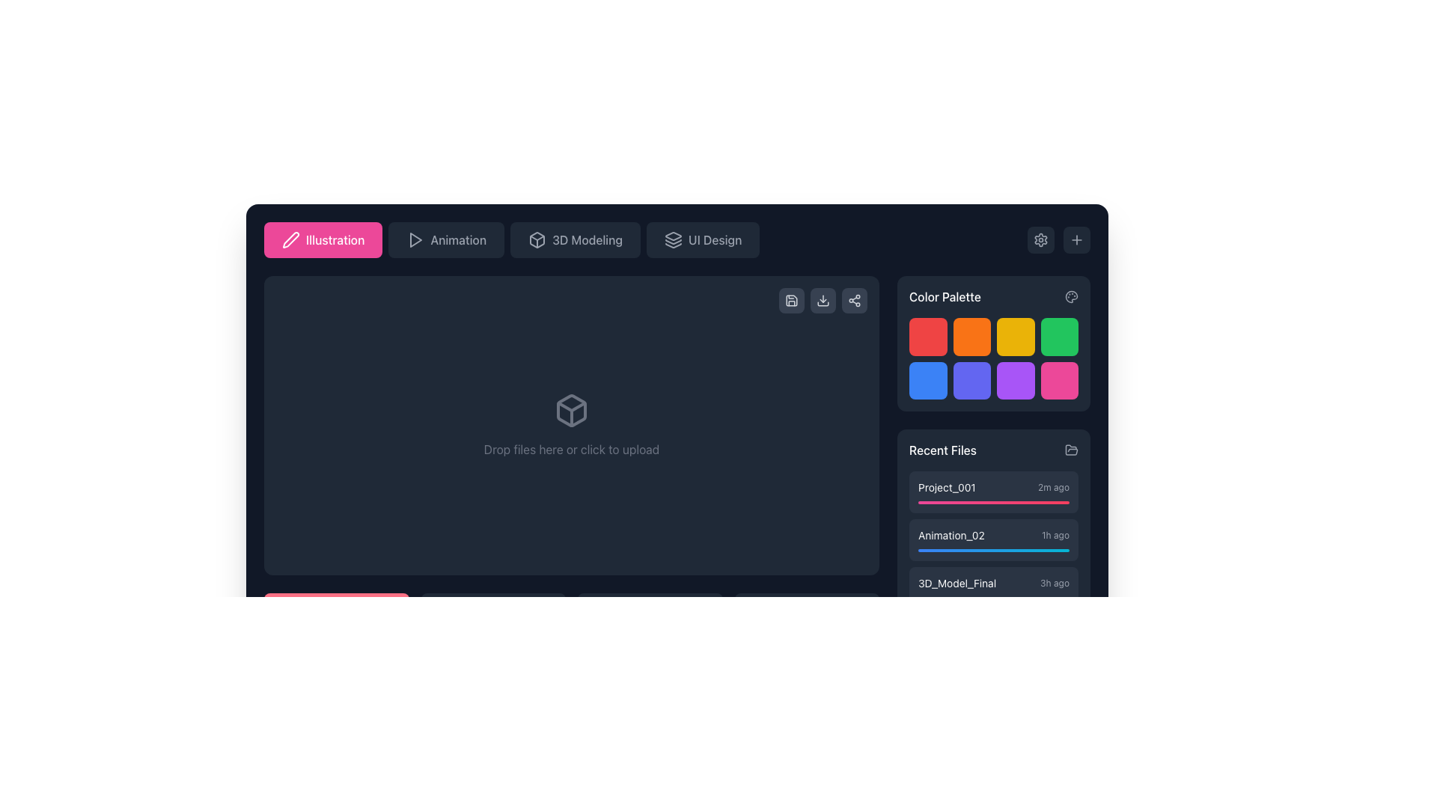 This screenshot has width=1437, height=808. What do you see at coordinates (994, 343) in the screenshot?
I see `the color swatch in the 'Color Palette' card` at bounding box center [994, 343].